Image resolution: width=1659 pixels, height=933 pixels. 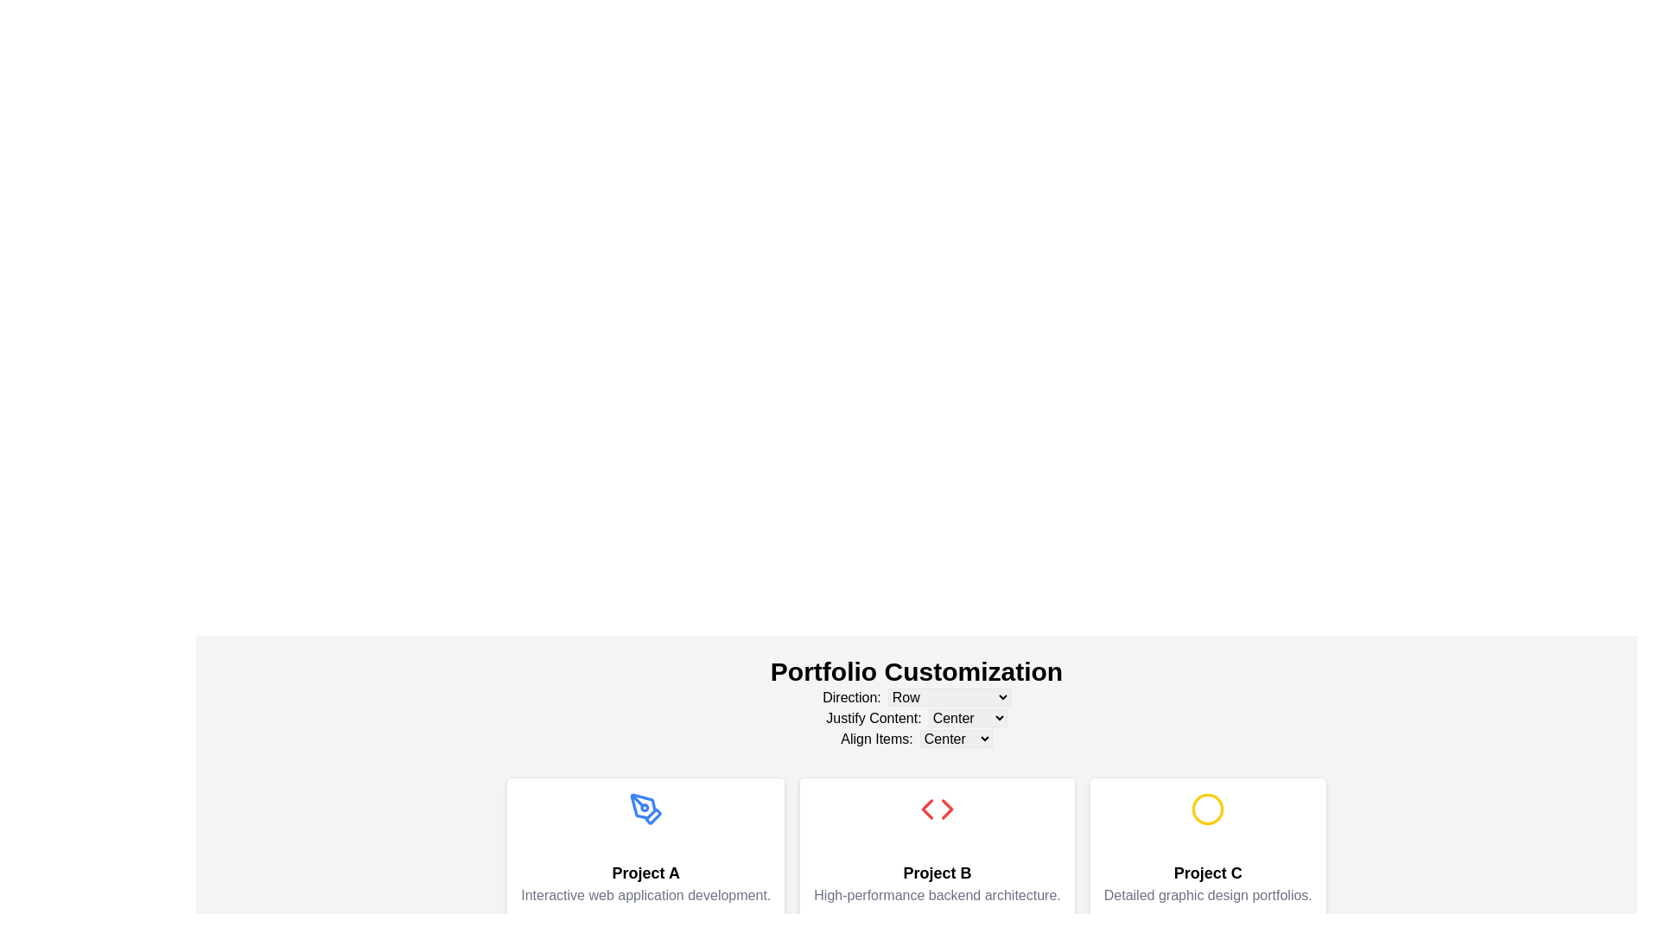 I want to click on the red left-pointing chevron within the 'Project B' card, so click(x=926, y=809).